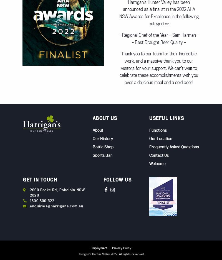 This screenshot has width=222, height=260. I want to click on 'Our Location', so click(160, 138).